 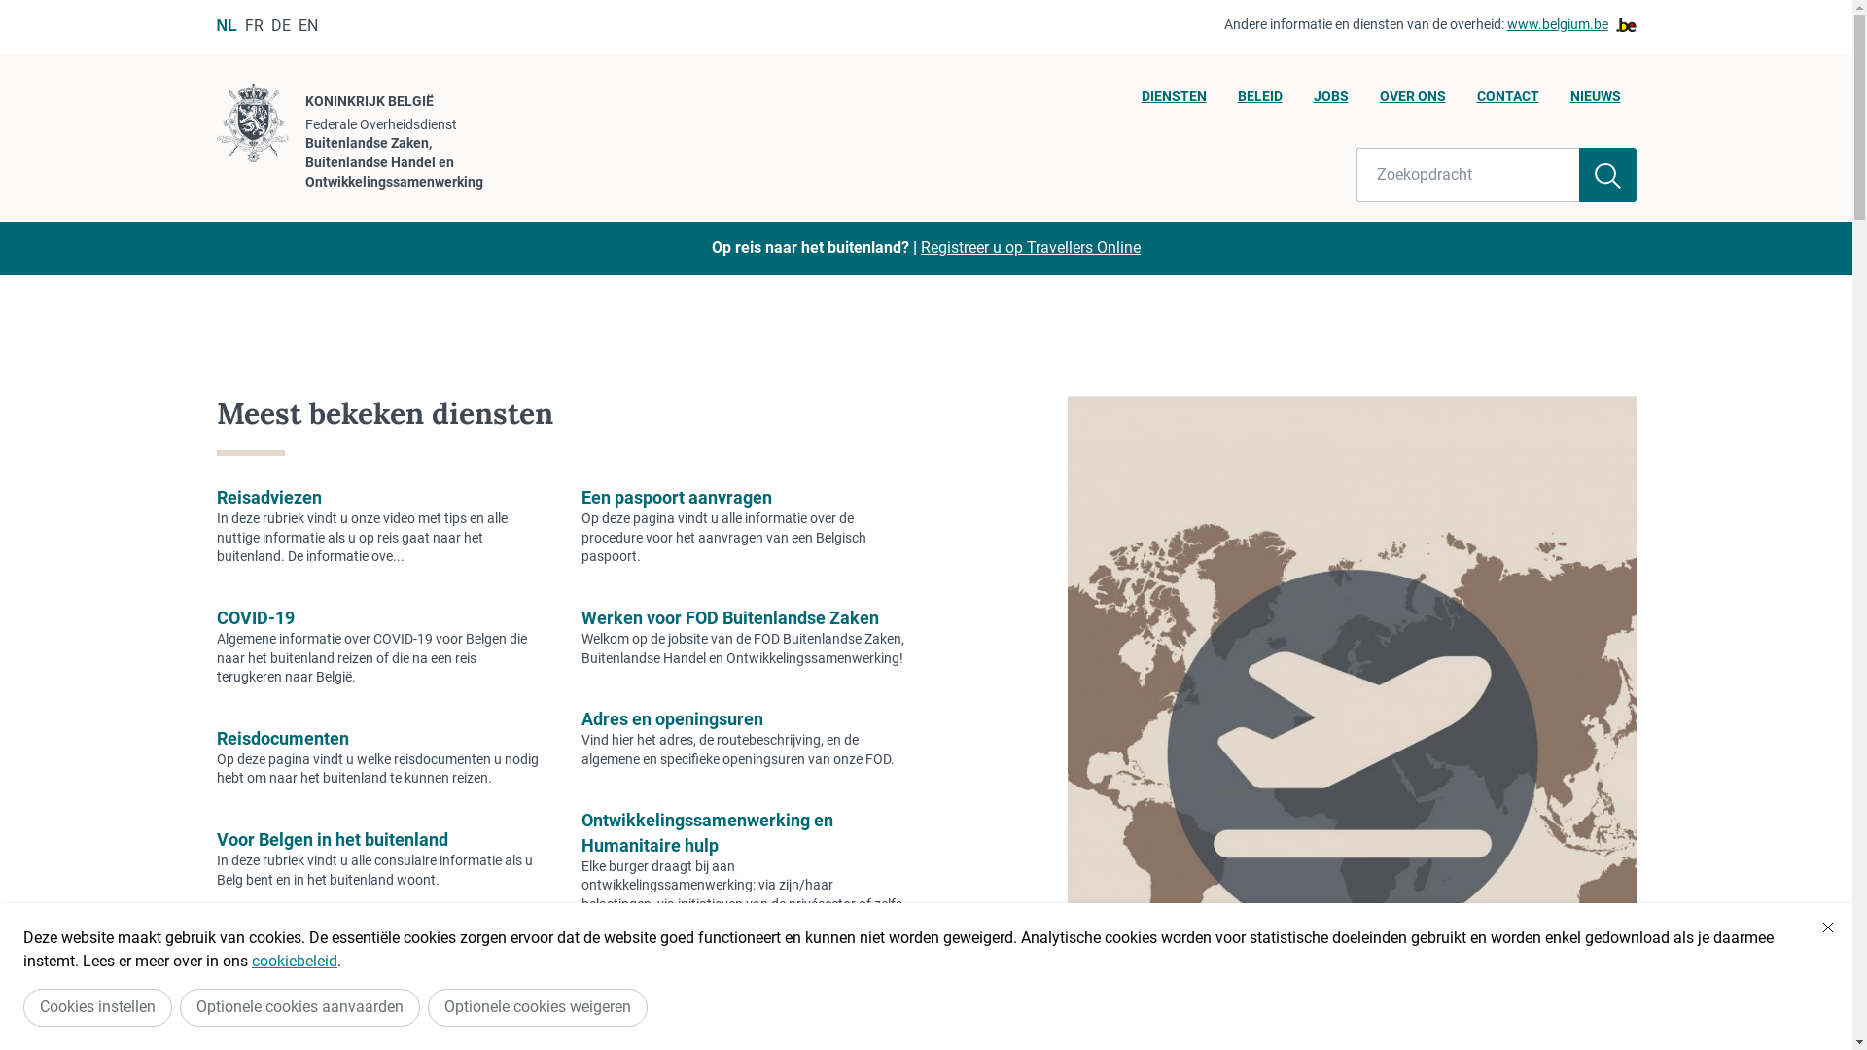 What do you see at coordinates (331, 838) in the screenshot?
I see `'Voor Belgen in het buitenland'` at bounding box center [331, 838].